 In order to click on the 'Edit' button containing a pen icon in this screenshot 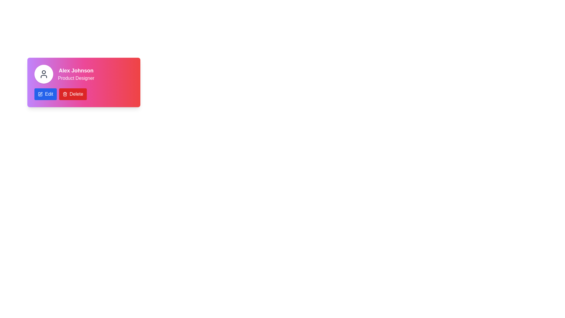, I will do `click(40, 94)`.